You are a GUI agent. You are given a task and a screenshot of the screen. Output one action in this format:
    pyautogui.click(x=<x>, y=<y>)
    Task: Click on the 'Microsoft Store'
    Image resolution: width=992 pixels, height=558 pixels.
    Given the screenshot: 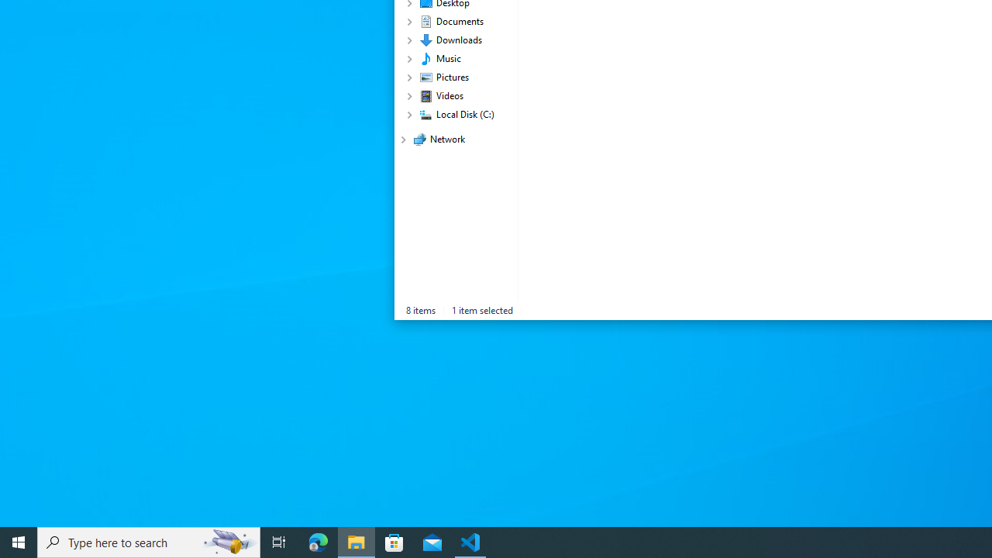 What is the action you would take?
    pyautogui.click(x=394, y=541)
    